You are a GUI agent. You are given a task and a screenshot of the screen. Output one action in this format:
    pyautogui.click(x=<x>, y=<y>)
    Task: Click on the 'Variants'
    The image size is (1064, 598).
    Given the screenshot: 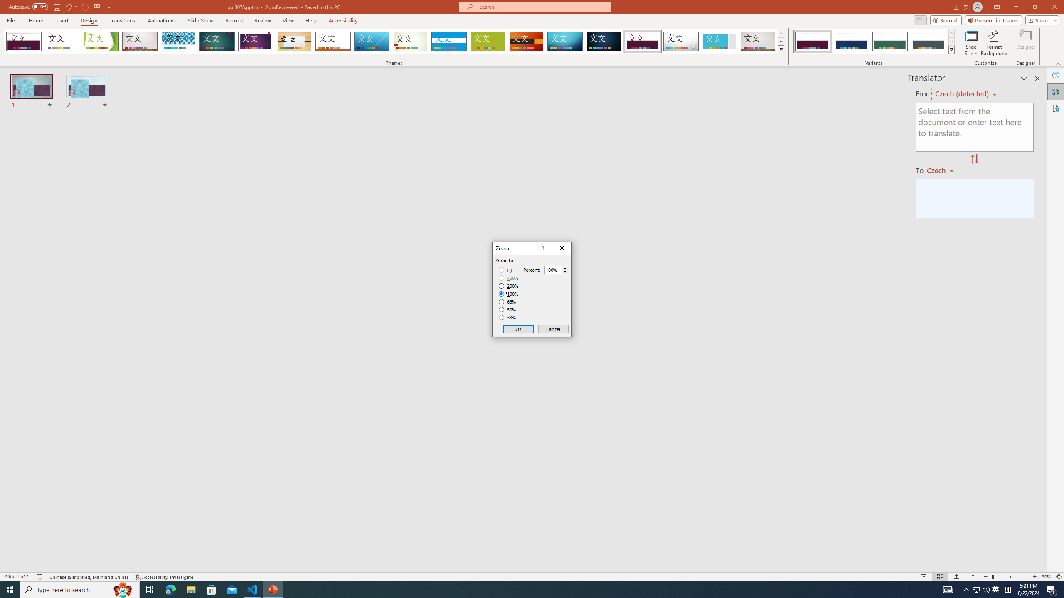 What is the action you would take?
    pyautogui.click(x=951, y=49)
    